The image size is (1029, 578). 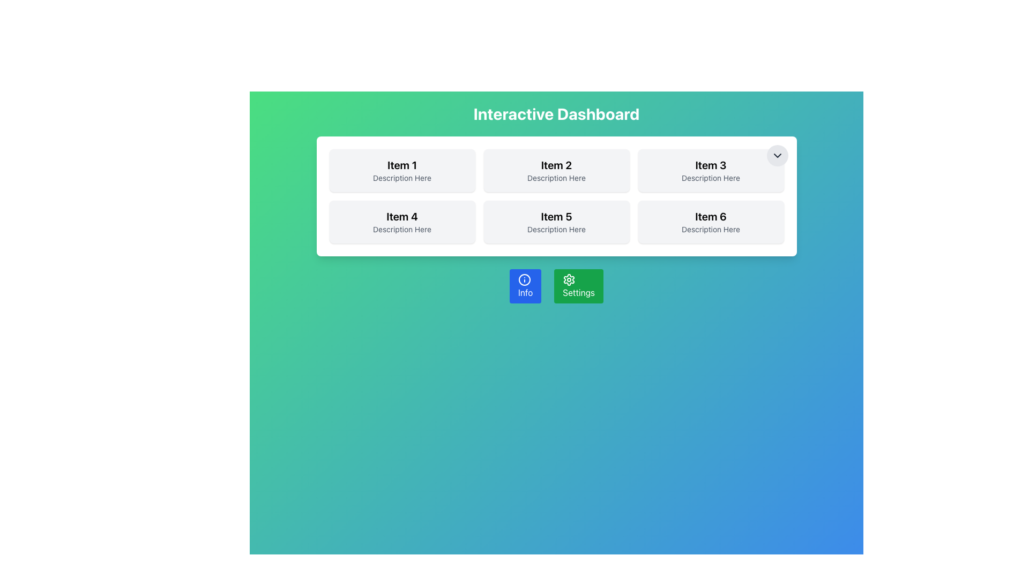 I want to click on the non-interactive Text label tile located in the second row and first column of the grid, which is below 'Item 1' and to the left of 'Item 5', so click(x=401, y=222).